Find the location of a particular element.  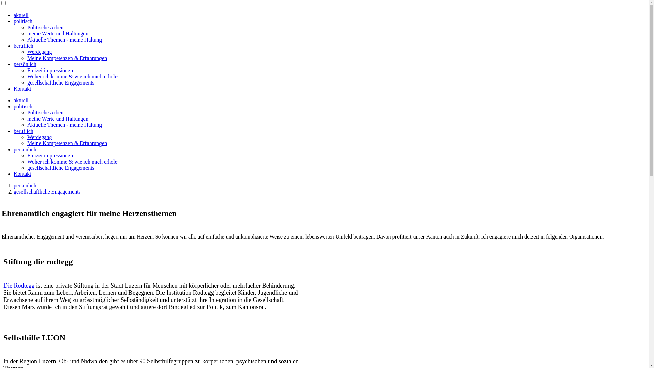

'Freizeitimpressionen' is located at coordinates (50, 70).